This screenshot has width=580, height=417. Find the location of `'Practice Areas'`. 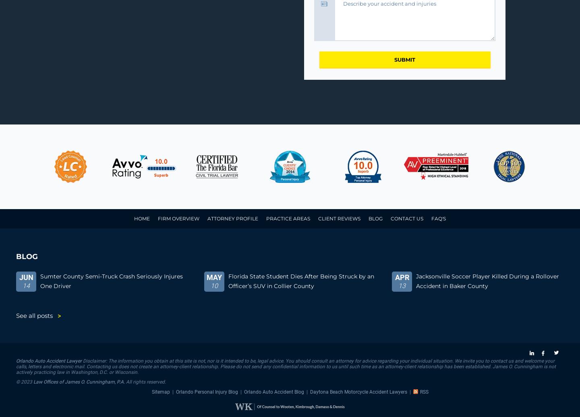

'Practice Areas' is located at coordinates (265, 218).